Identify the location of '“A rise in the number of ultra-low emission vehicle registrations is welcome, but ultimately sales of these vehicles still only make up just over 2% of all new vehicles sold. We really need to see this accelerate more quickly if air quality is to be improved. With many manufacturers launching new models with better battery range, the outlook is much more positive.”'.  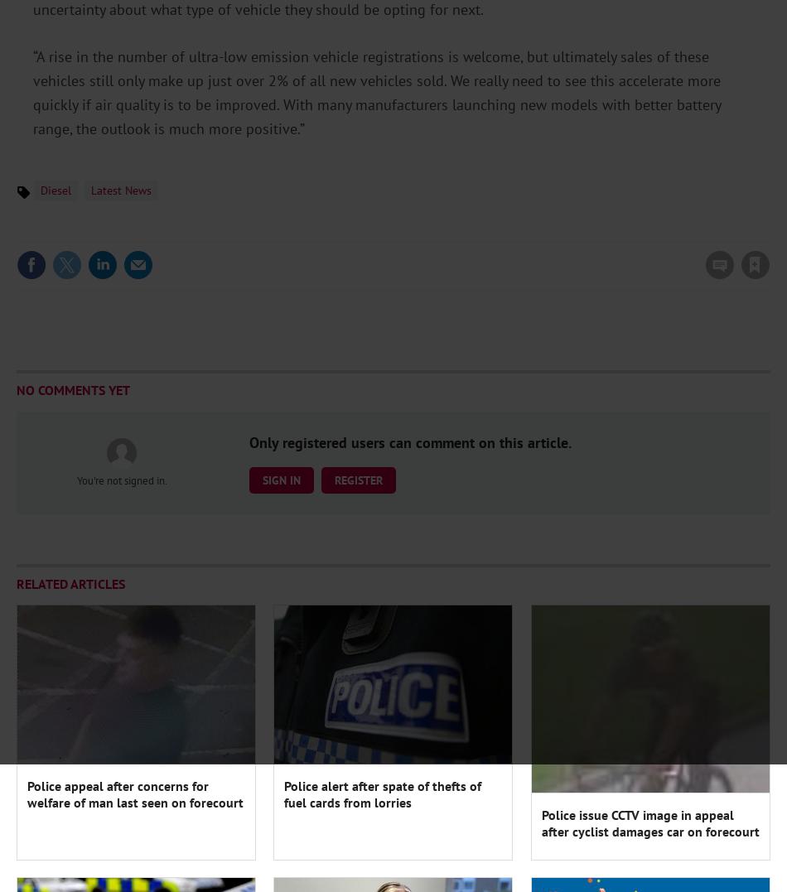
(375, 91).